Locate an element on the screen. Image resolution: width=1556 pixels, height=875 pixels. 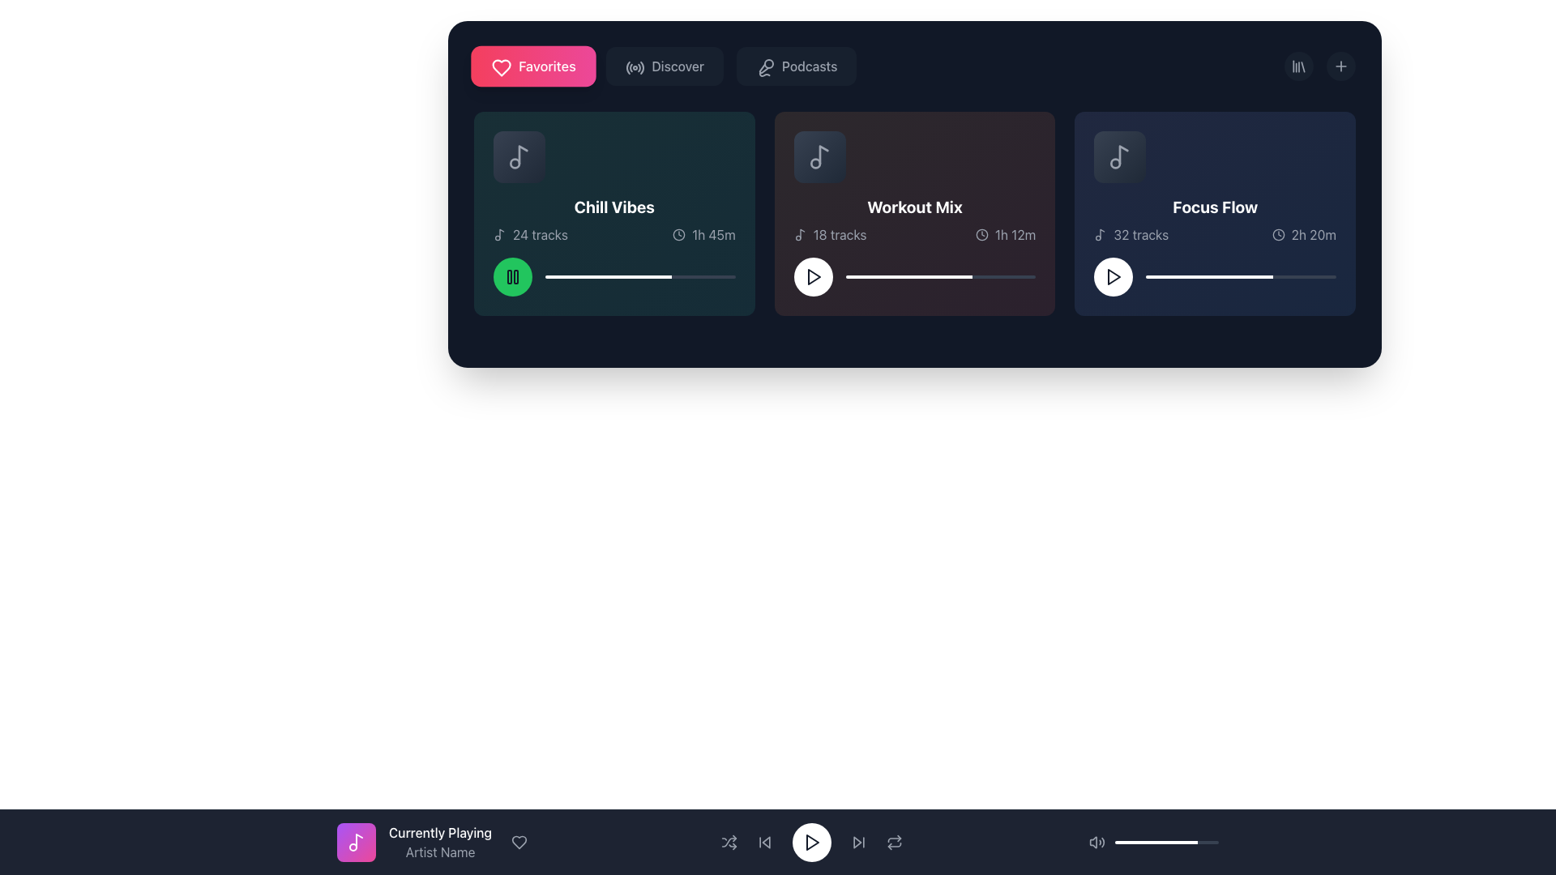
the button located in the horizontal navigation bar that navigates to the podcast section is located at coordinates (797, 65).